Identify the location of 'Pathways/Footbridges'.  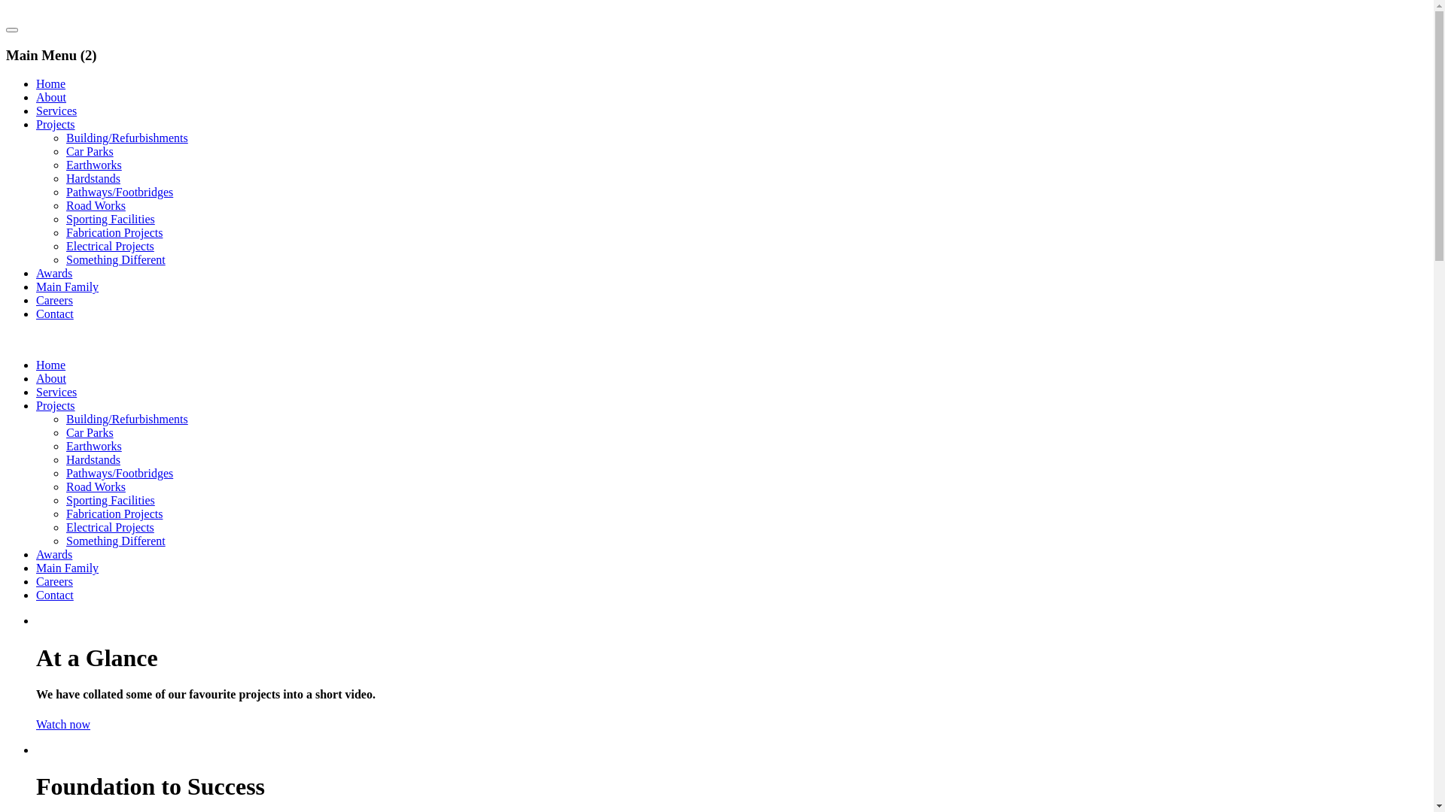
(118, 191).